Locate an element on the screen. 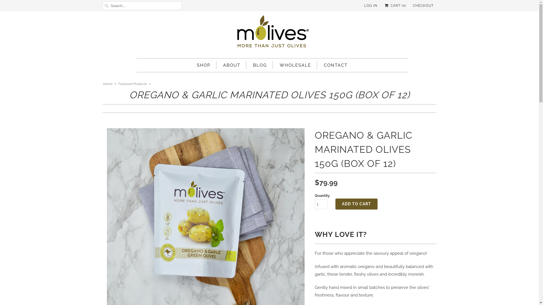 Image resolution: width=543 pixels, height=305 pixels. 'CHECKOUT' is located at coordinates (423, 5).